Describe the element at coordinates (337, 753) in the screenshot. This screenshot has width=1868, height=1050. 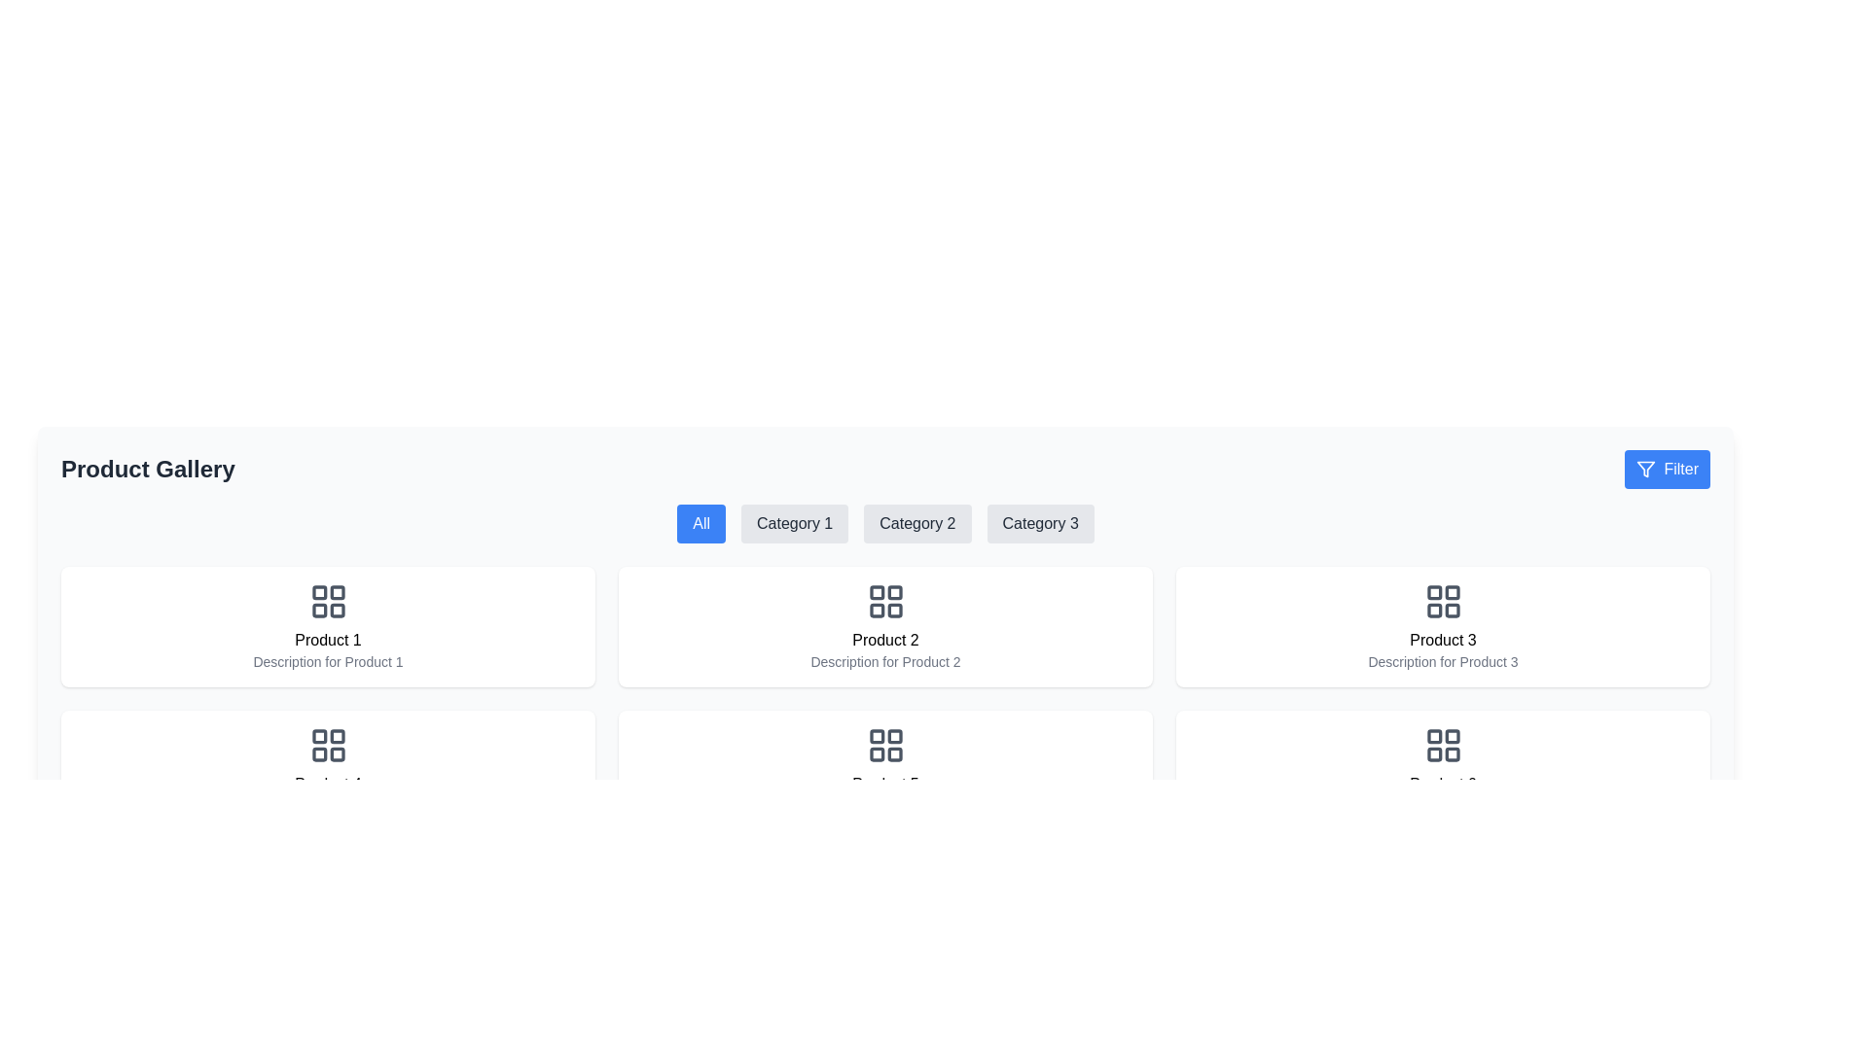
I see `the small square located in the bottom-right position of the 2x2 grid within the SVG icon, which is part of the product gallery above the 'Product 2' title` at that location.